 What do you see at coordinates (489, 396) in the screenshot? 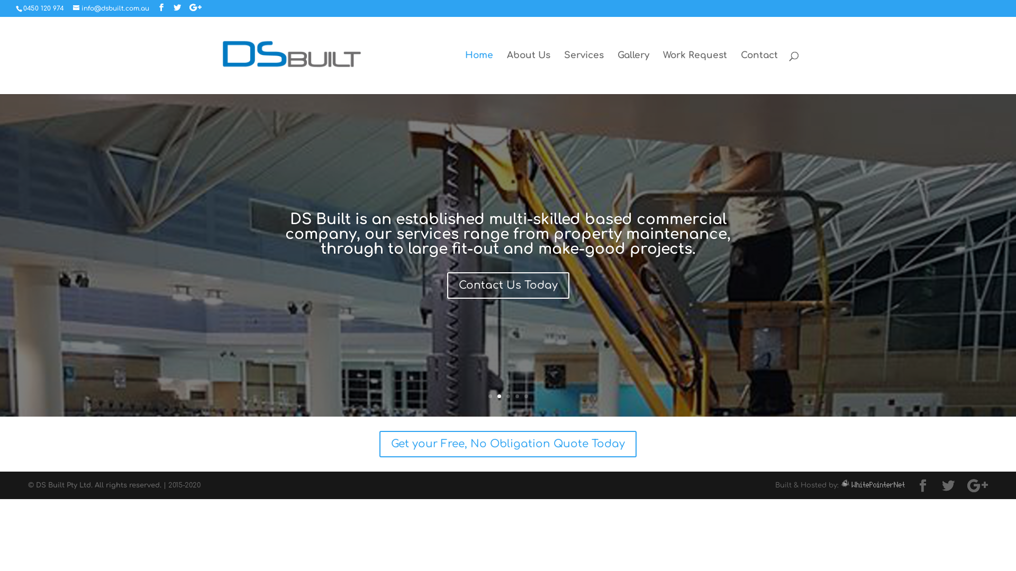
I see `'1'` at bounding box center [489, 396].